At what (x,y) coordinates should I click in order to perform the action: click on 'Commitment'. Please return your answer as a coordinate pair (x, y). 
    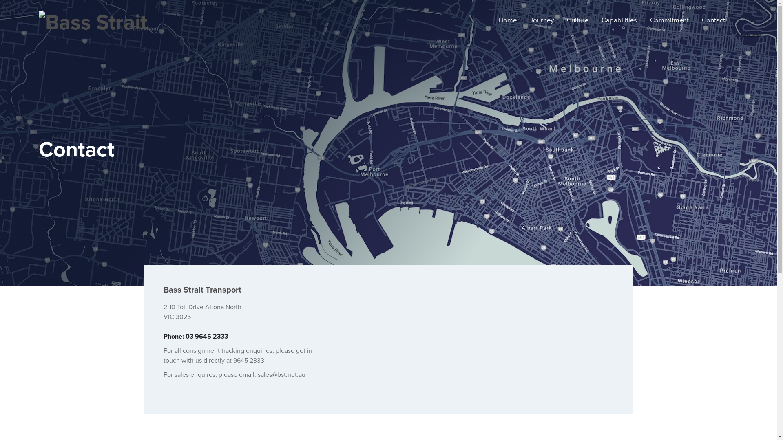
    Looking at the image, I should click on (649, 20).